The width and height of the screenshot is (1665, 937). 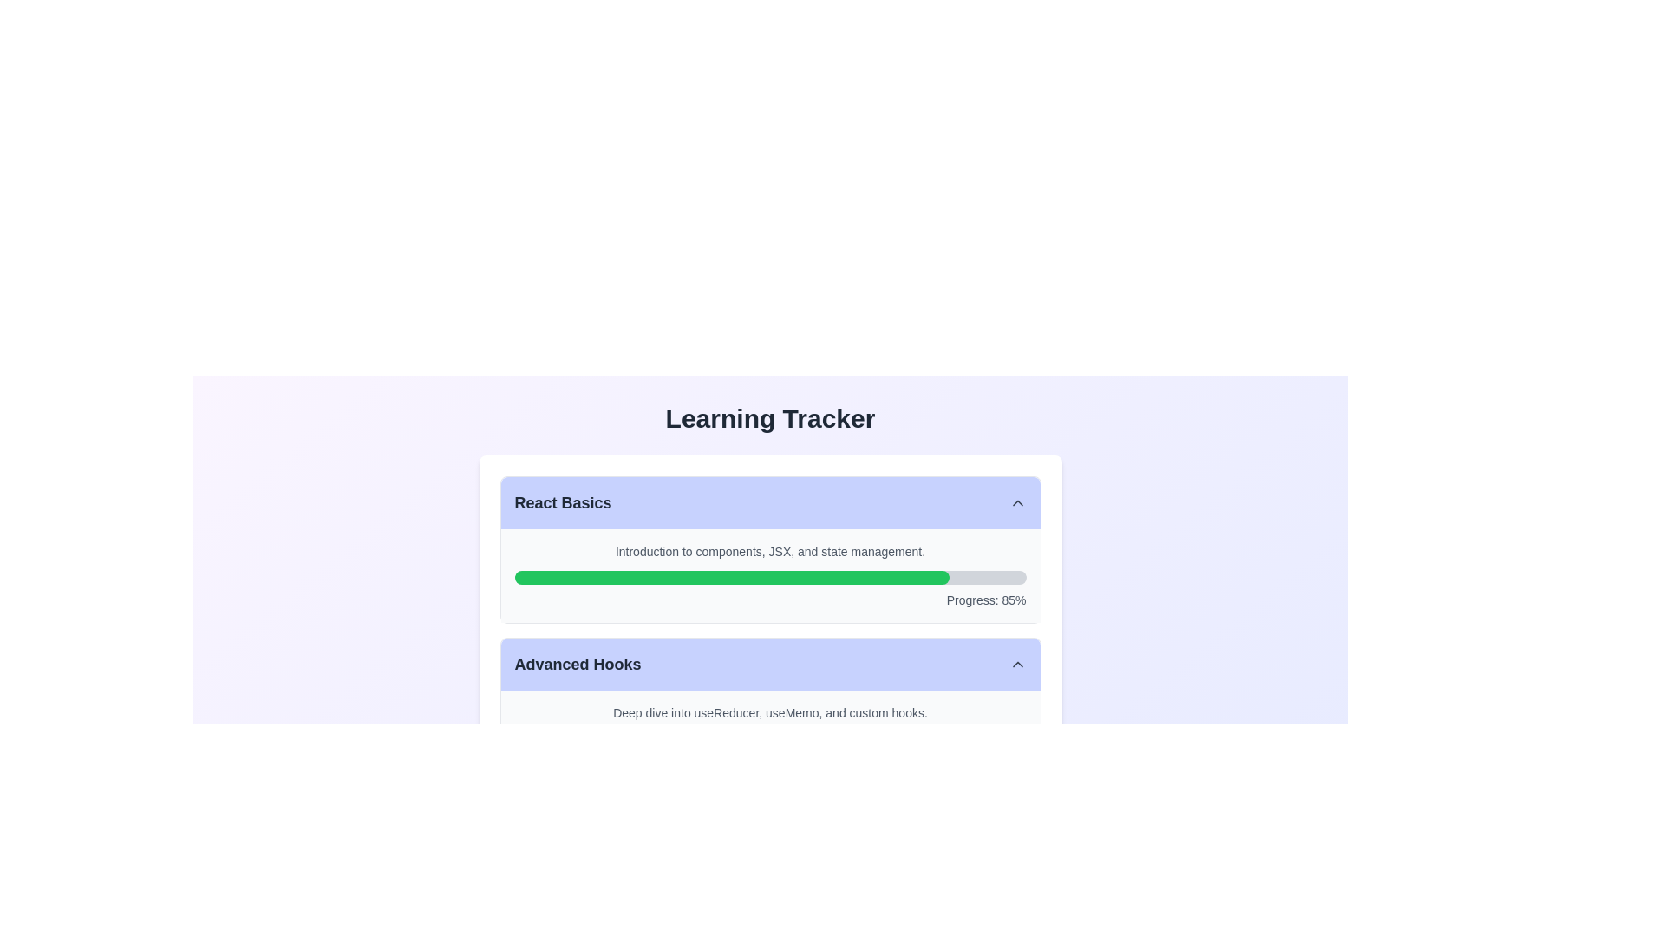 What do you see at coordinates (1017, 664) in the screenshot?
I see `the Chevron Up icon` at bounding box center [1017, 664].